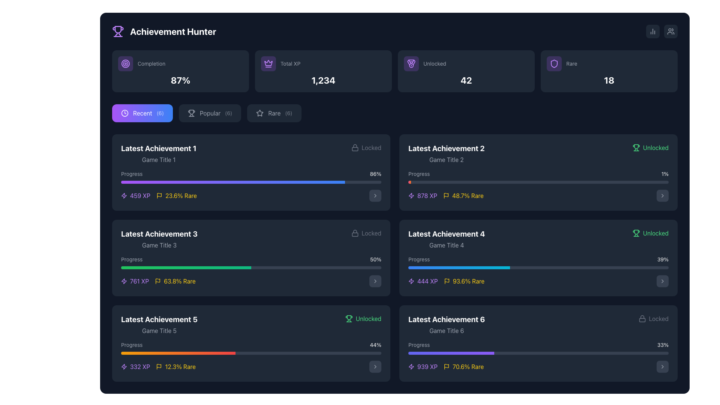 The height and width of the screenshot is (405, 720). I want to click on the title text label indicating the name or identifier of an achievement located at the top of the second card on the right side of the layout, above 'Game Title 2', so click(446, 148).